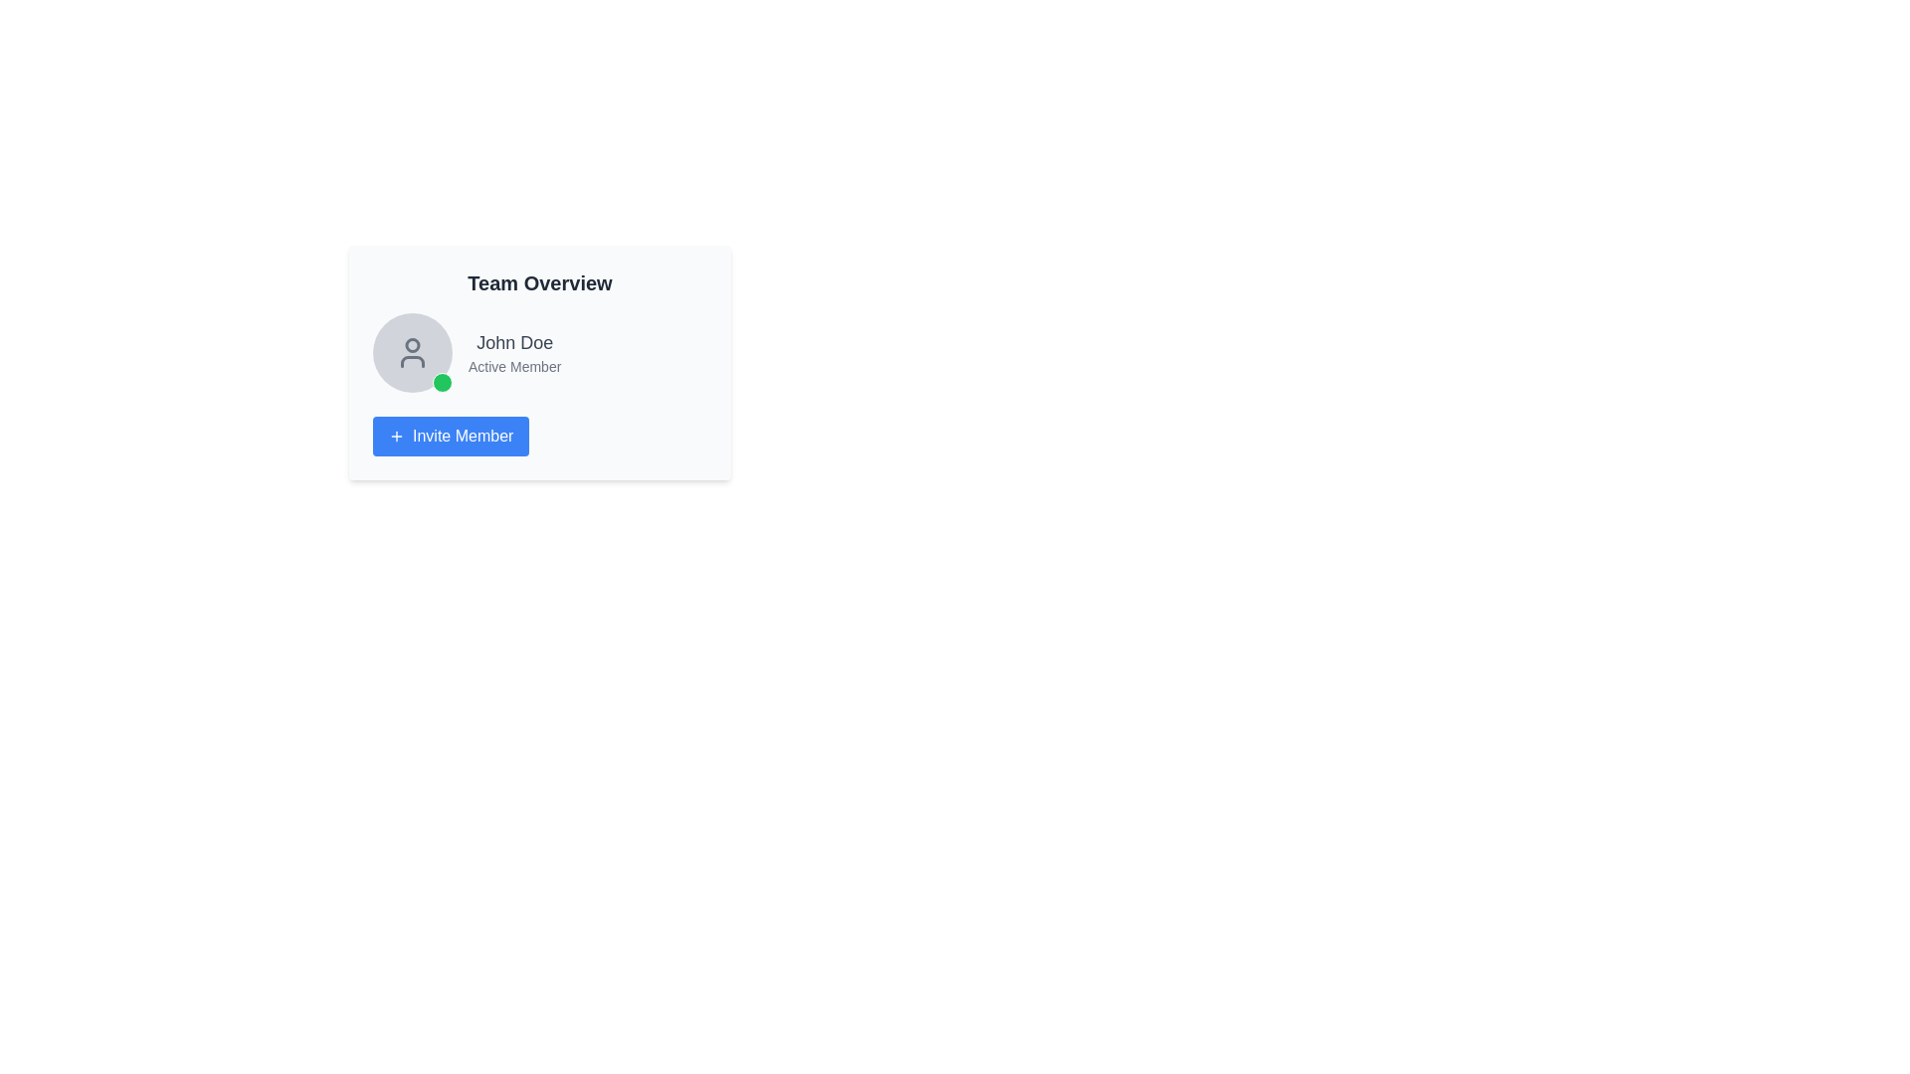 This screenshot has height=1074, width=1910. What do you see at coordinates (442, 383) in the screenshot?
I see `the status indicator badge located at the bottom-right corner of the circular avatar image within the profile card section` at bounding box center [442, 383].